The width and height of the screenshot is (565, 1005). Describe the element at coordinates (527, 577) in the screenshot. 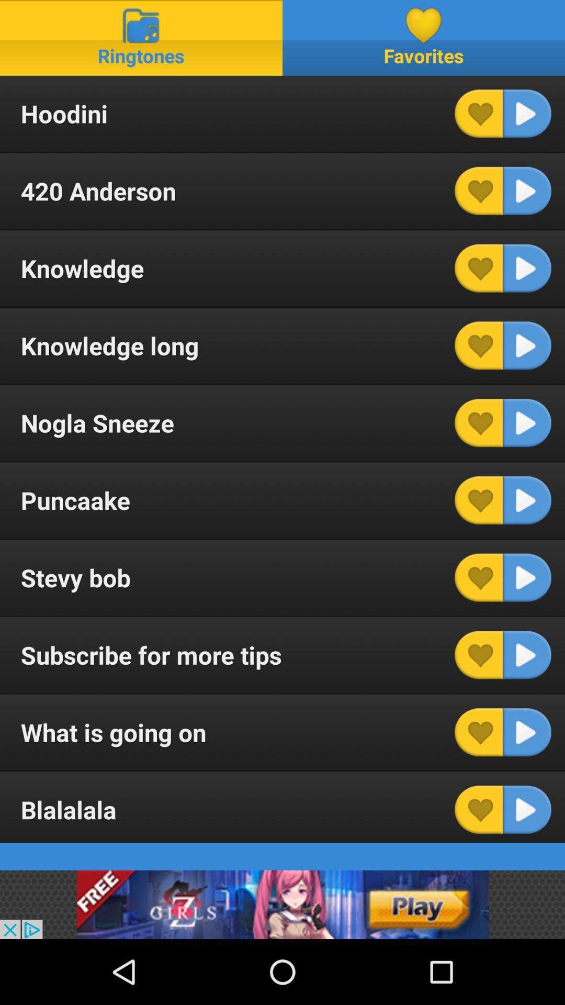

I see `ringtone` at that location.